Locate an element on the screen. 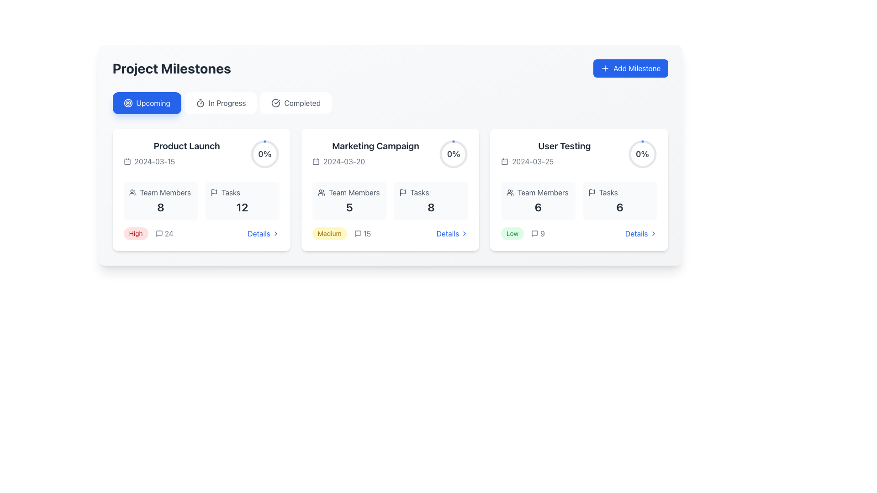 This screenshot has height=493, width=877. the decorative visual identifier indicating the 'Upcoming' section or filter, which is part of the 'Upcoming' button located at the top left of the interface is located at coordinates (127, 103).